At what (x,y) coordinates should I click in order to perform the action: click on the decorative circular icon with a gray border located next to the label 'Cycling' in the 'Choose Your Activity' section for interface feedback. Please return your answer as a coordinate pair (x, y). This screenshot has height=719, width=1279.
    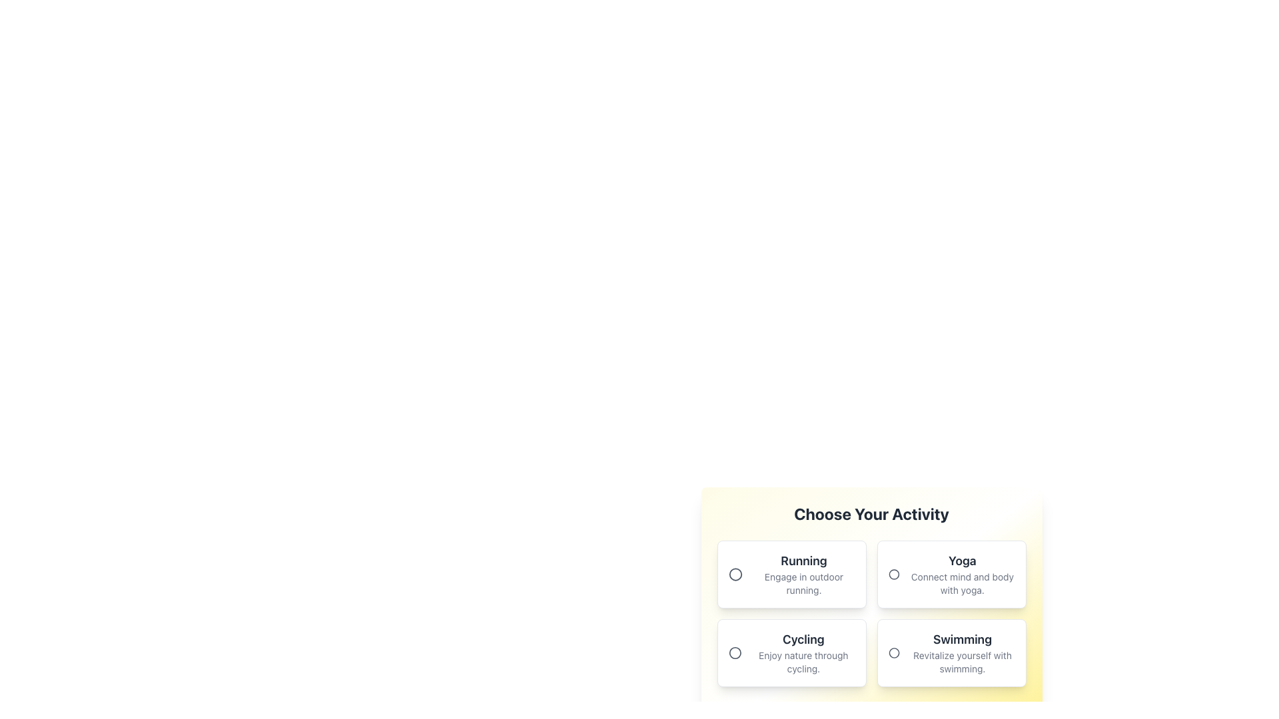
    Looking at the image, I should click on (734, 652).